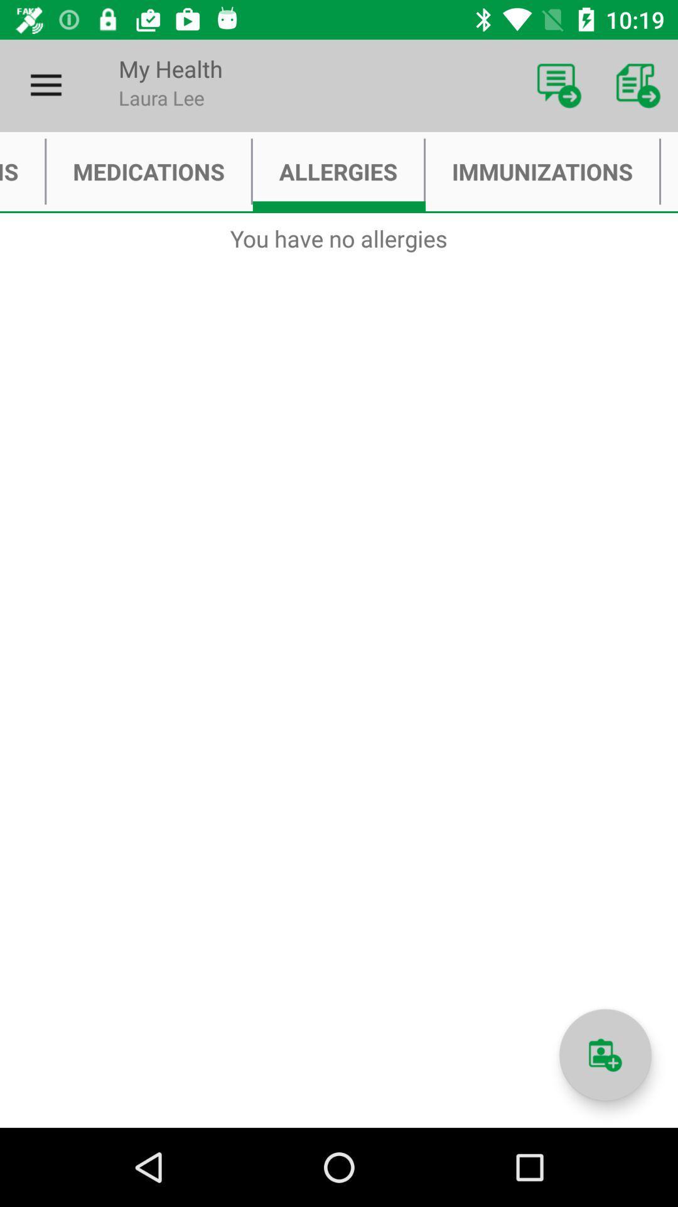 The width and height of the screenshot is (678, 1207). Describe the element at coordinates (638, 85) in the screenshot. I see `item above immunizations` at that location.